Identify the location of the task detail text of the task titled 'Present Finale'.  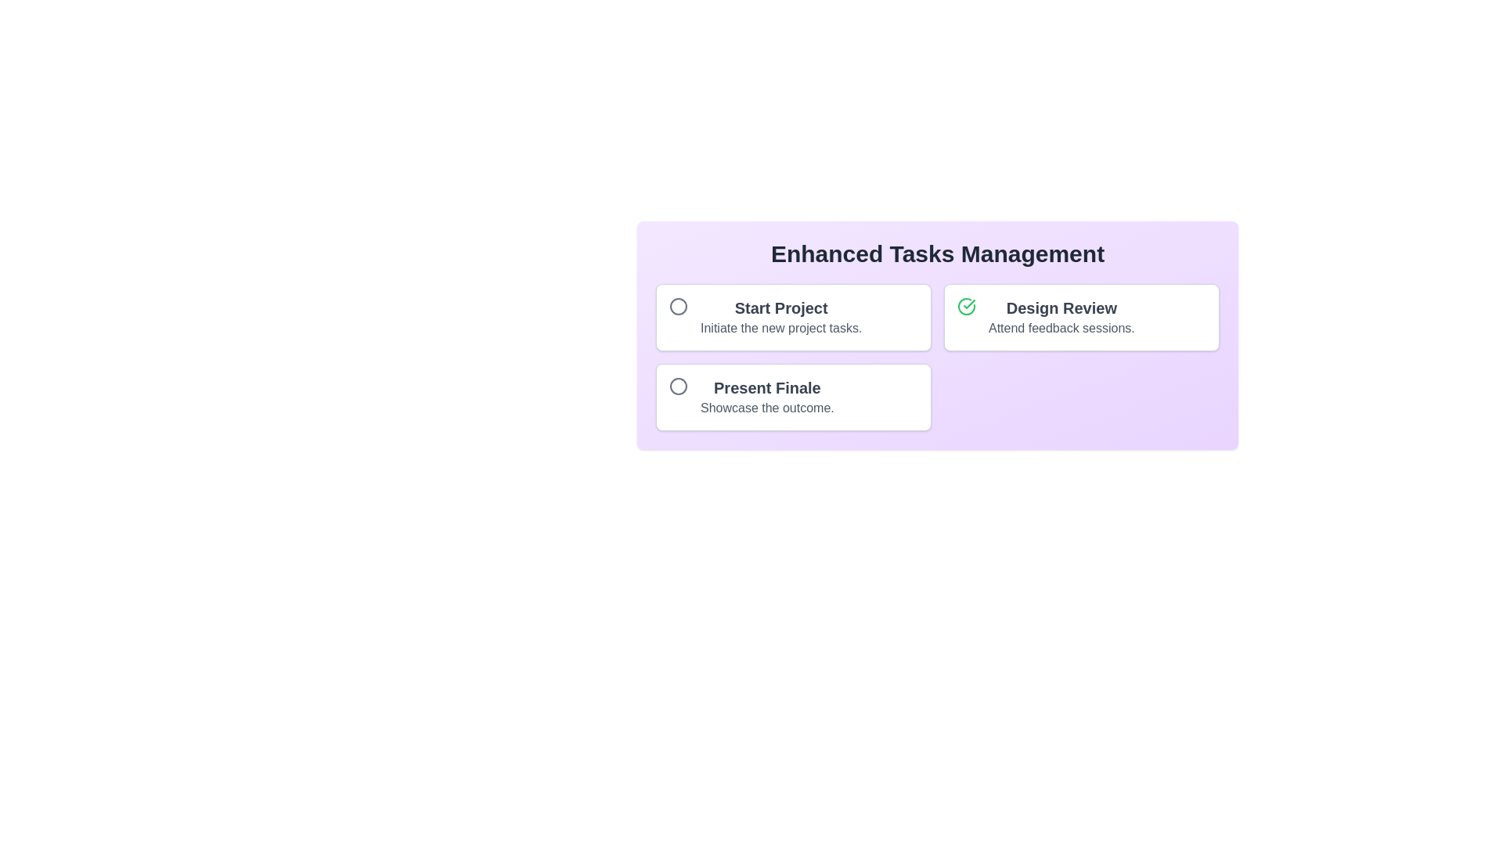
(766, 407).